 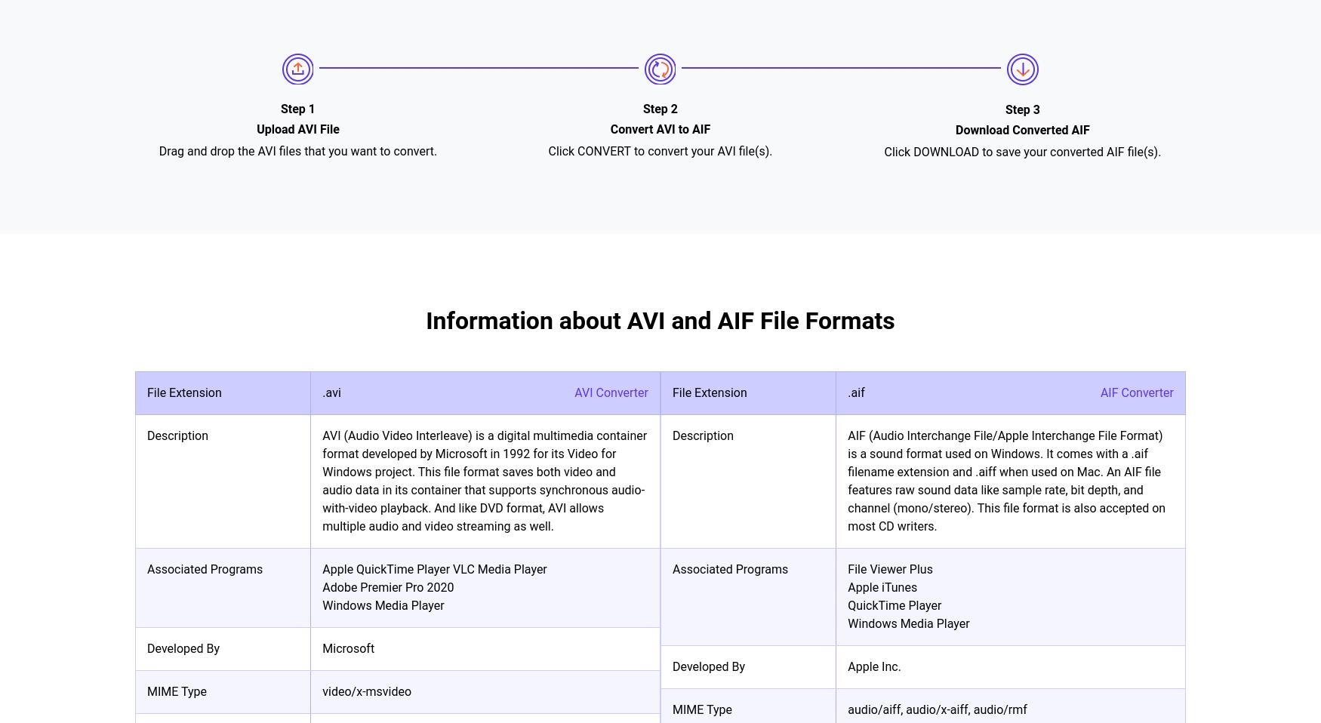 What do you see at coordinates (610, 392) in the screenshot?
I see `'AVI Converter'` at bounding box center [610, 392].